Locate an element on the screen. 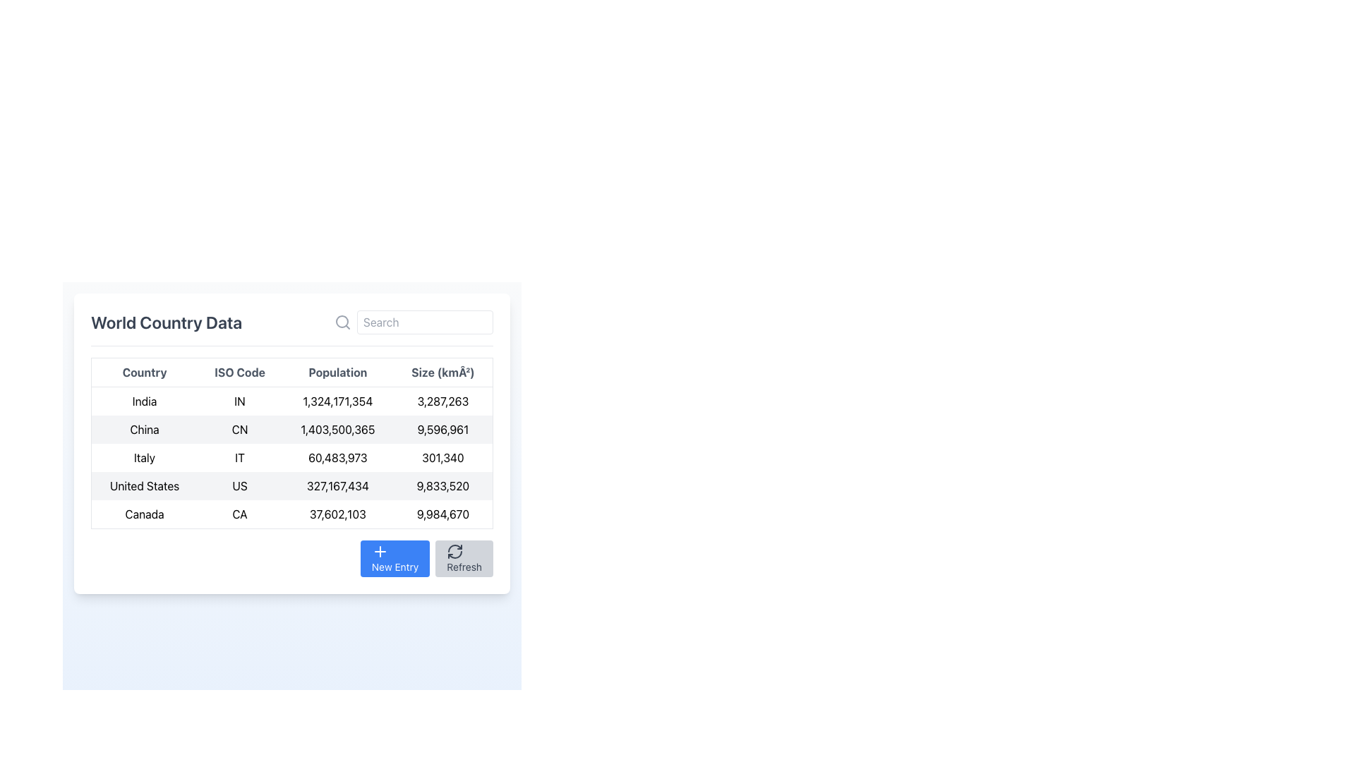  the non-interactive search icon located at the far left of the horizontal group containing the search input field with placeholder text 'Search' is located at coordinates (342, 322).